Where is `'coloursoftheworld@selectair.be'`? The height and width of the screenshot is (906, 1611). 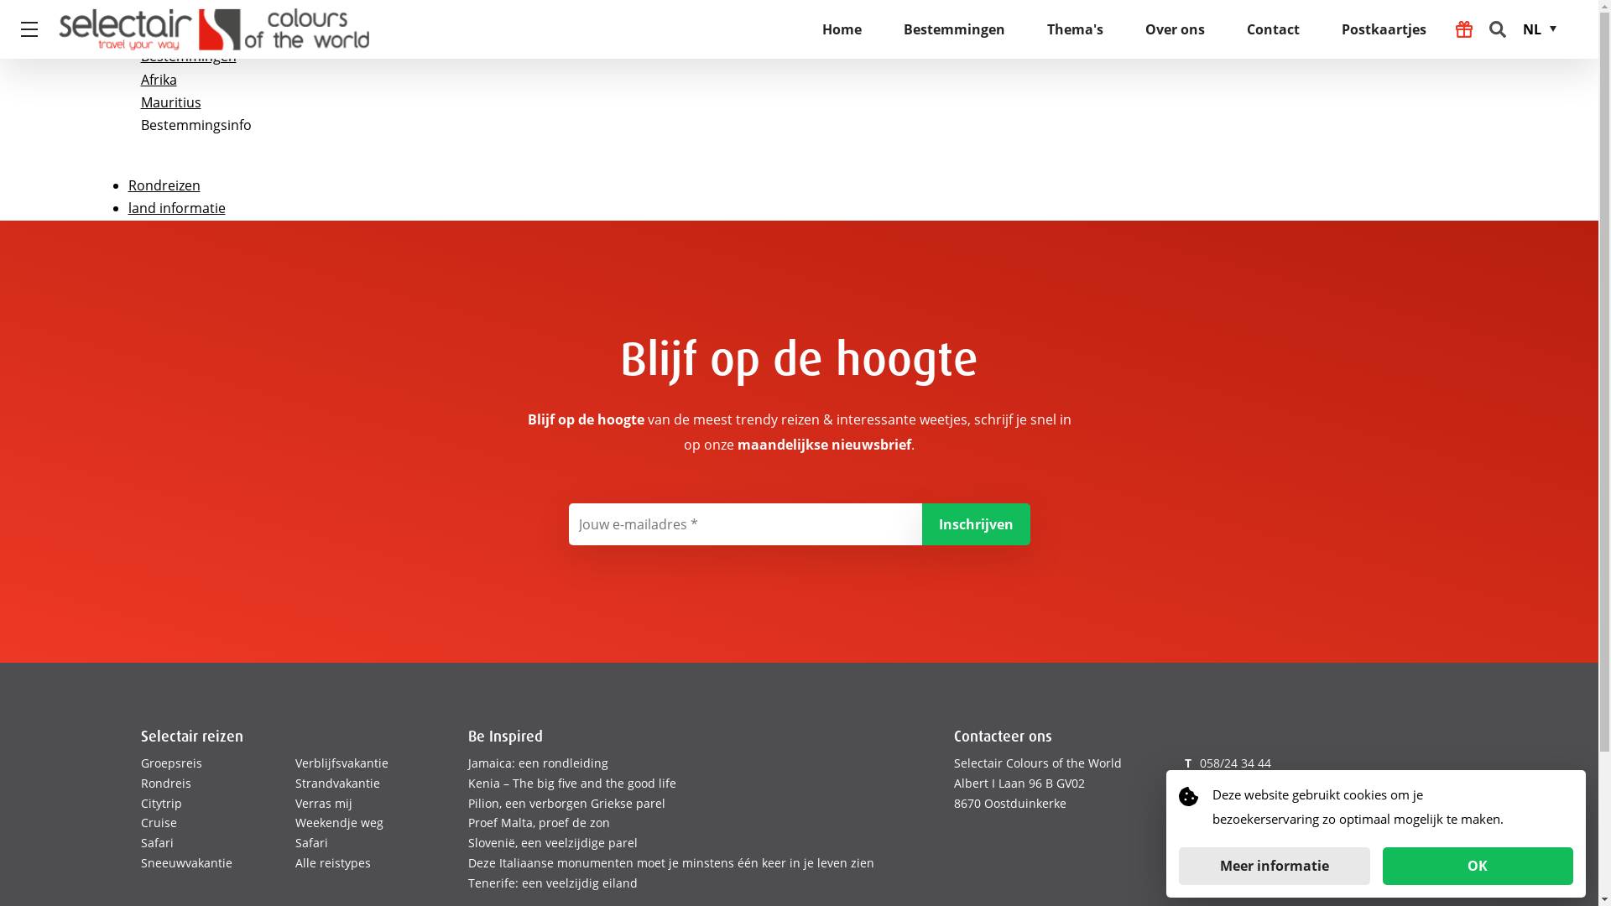 'coloursoftheworld@selectair.be' is located at coordinates (1288, 783).